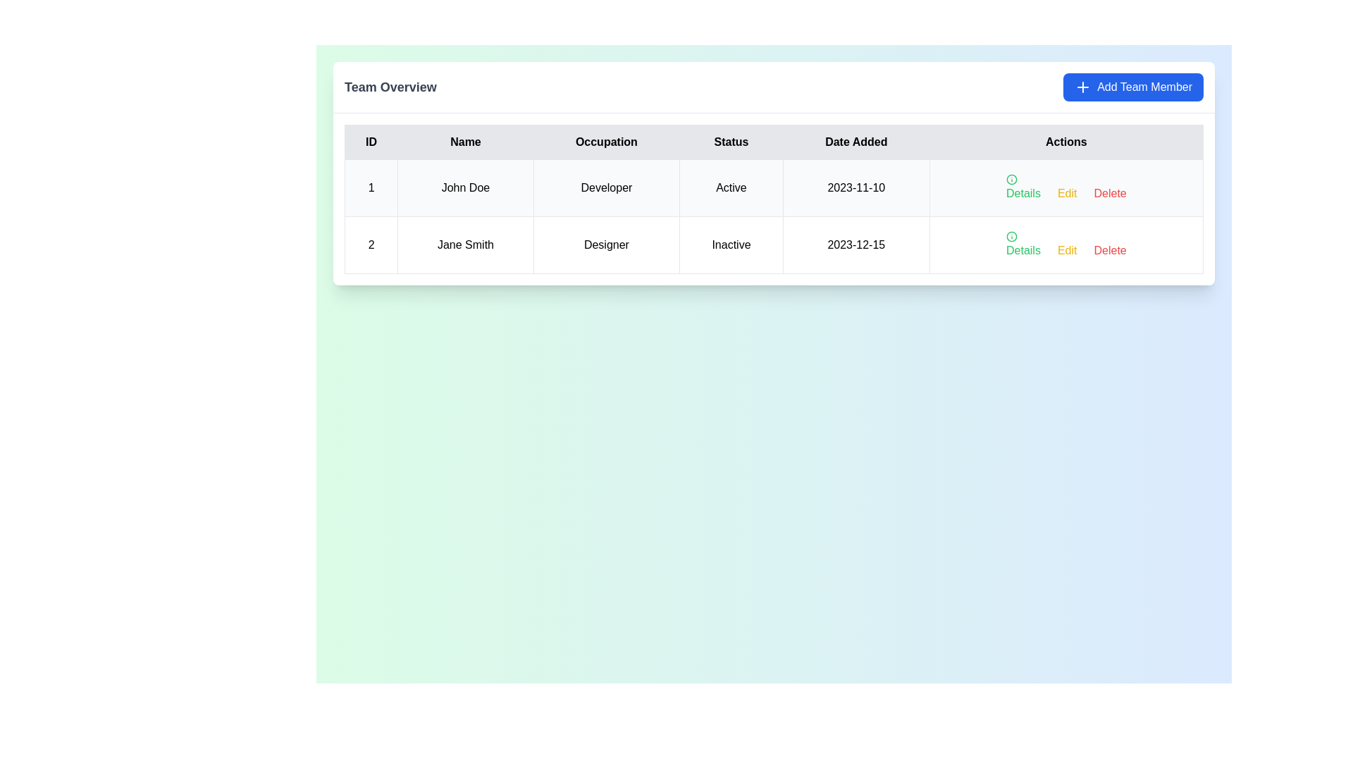 Image resolution: width=1353 pixels, height=761 pixels. What do you see at coordinates (371, 244) in the screenshot?
I see `the text display cell containing the number '2' which is located in the leftmost column under the 'ID' header, specifically positioned in the row labeled 'Jane Smith'` at bounding box center [371, 244].